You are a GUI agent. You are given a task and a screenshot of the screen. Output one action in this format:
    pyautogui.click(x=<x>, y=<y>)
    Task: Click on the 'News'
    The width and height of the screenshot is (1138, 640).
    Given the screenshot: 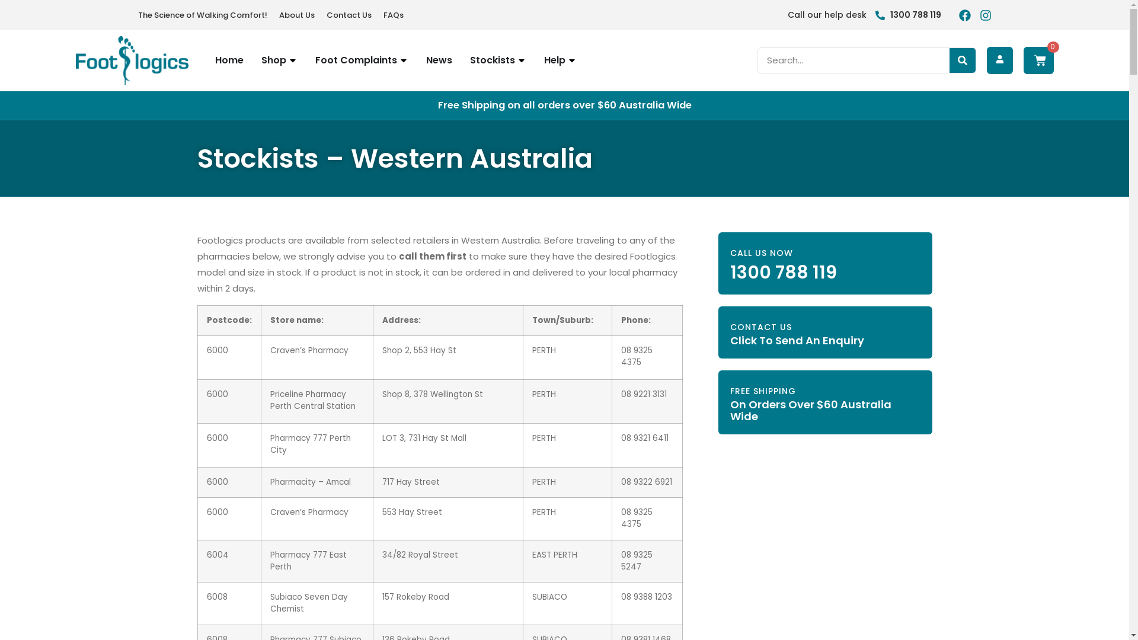 What is the action you would take?
    pyautogui.click(x=426, y=60)
    